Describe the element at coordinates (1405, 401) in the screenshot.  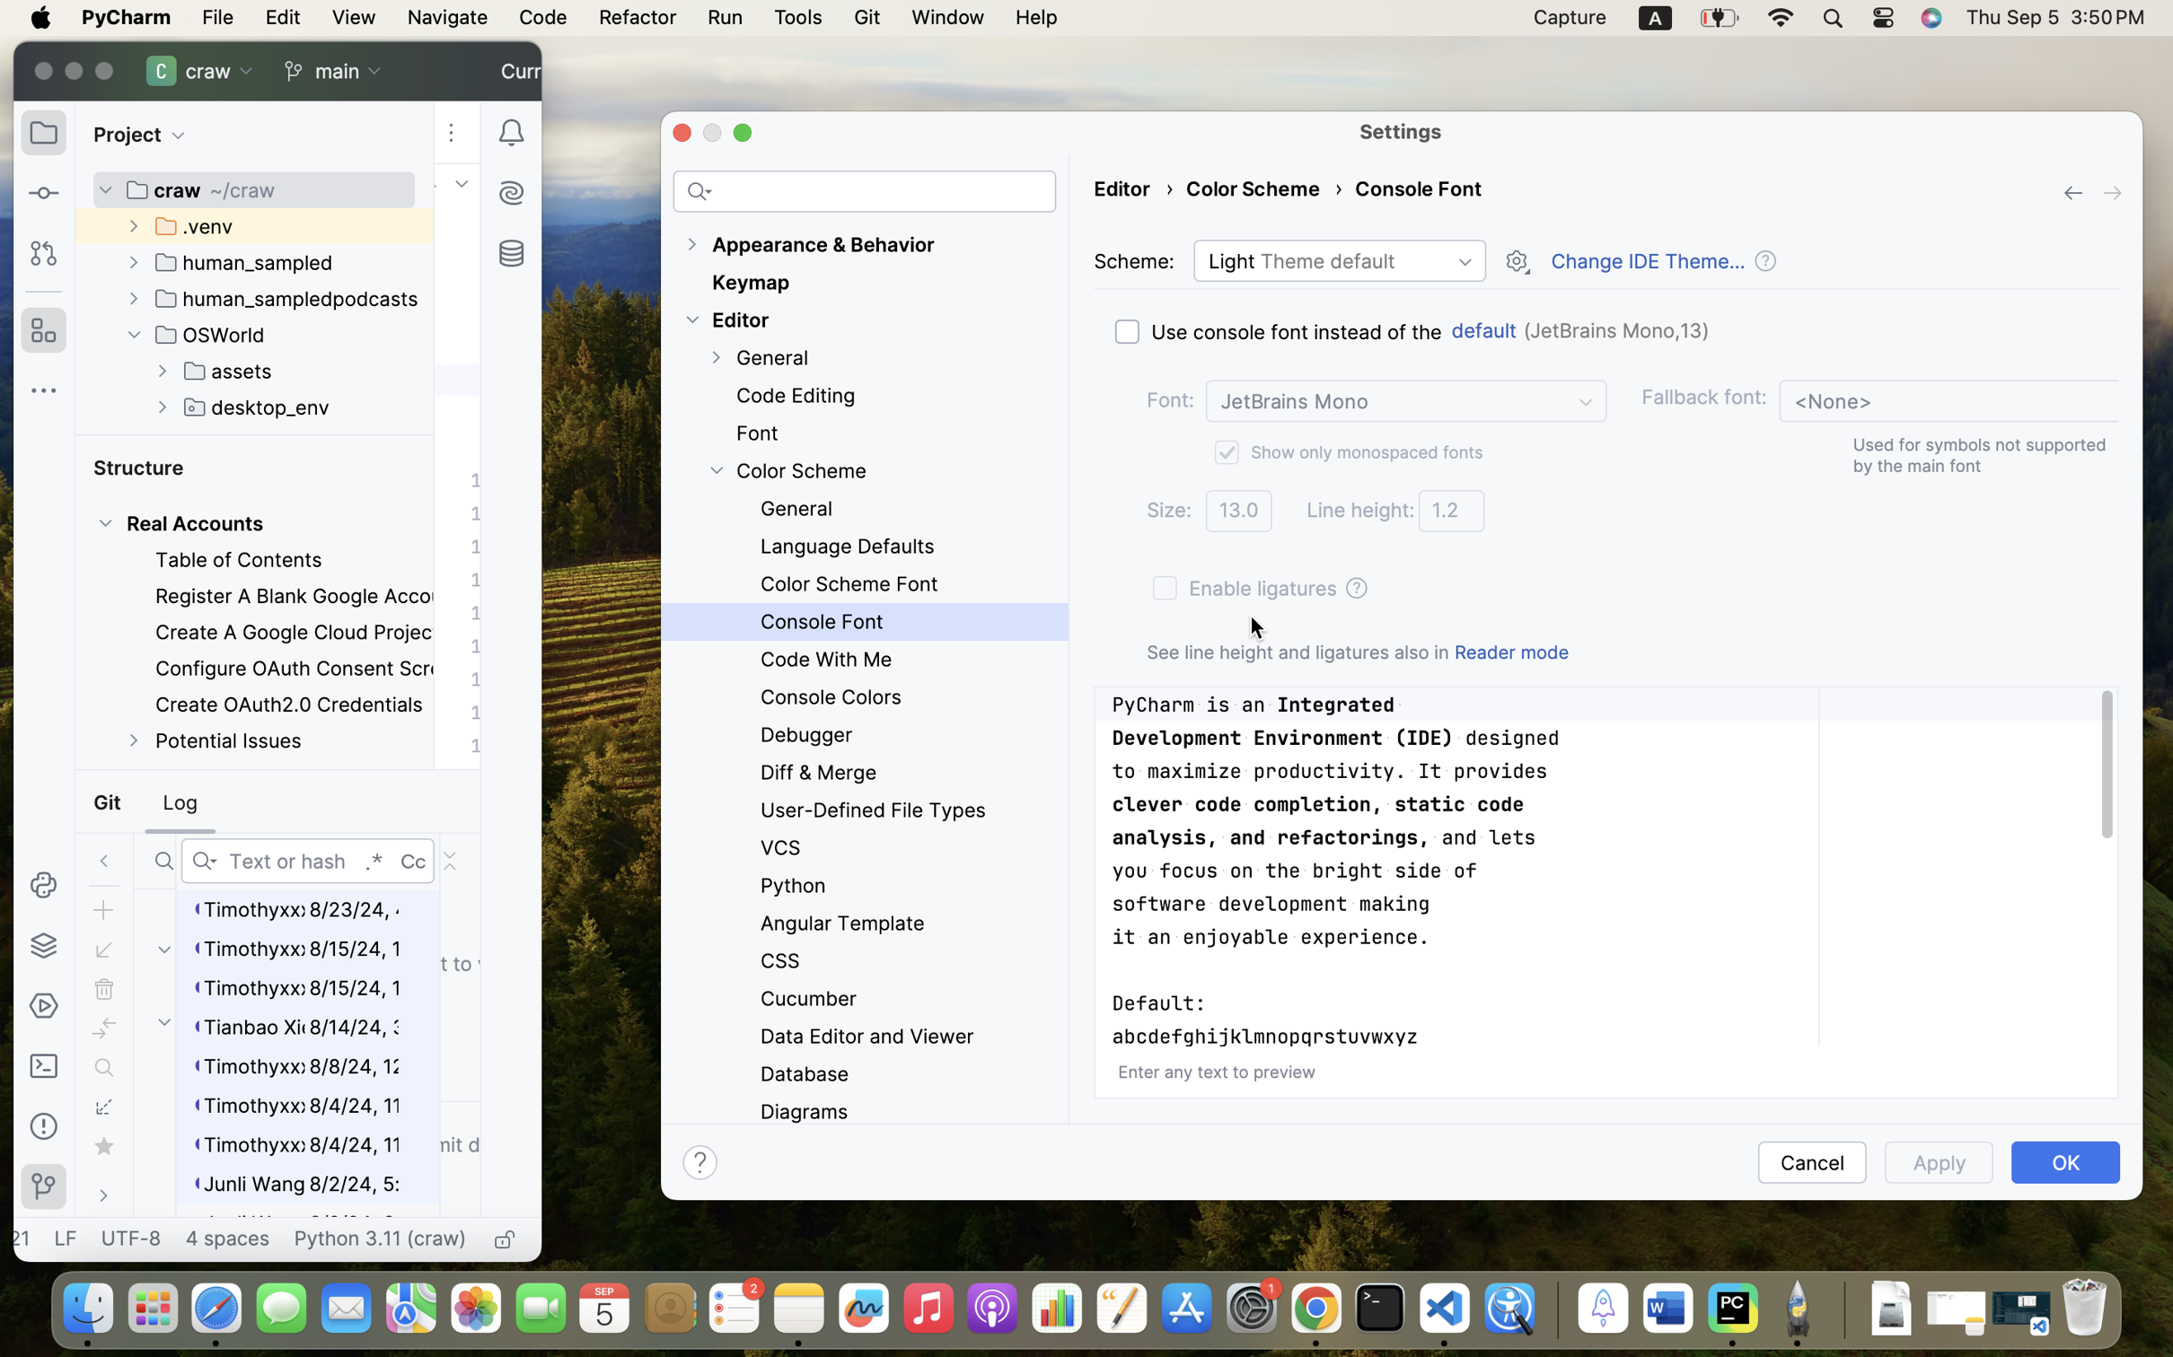
I see `'JetBrains Mono'` at that location.